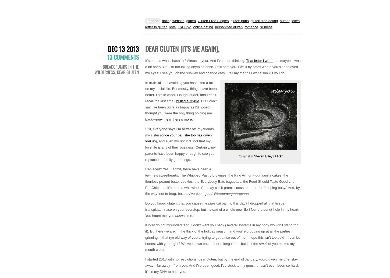  What do you see at coordinates (230, 20) in the screenshot?
I see `'gluten puns'` at bounding box center [230, 20].